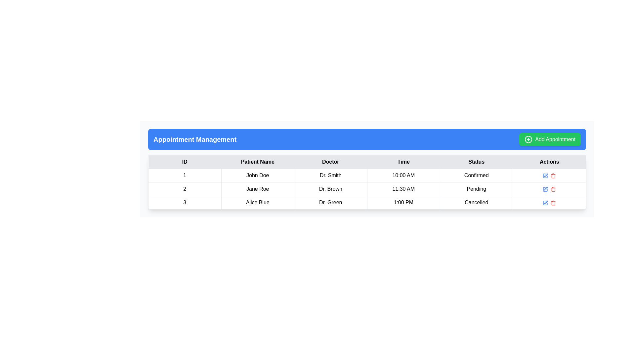 This screenshot has height=357, width=635. I want to click on the patient name cell located in the second column of the second row in the table, so click(257, 189).